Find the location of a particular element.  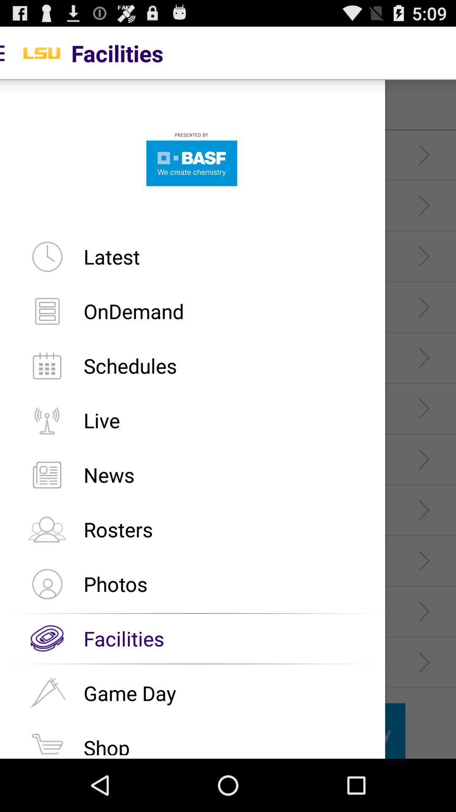

the watch icon beside latest is located at coordinates (47, 256).